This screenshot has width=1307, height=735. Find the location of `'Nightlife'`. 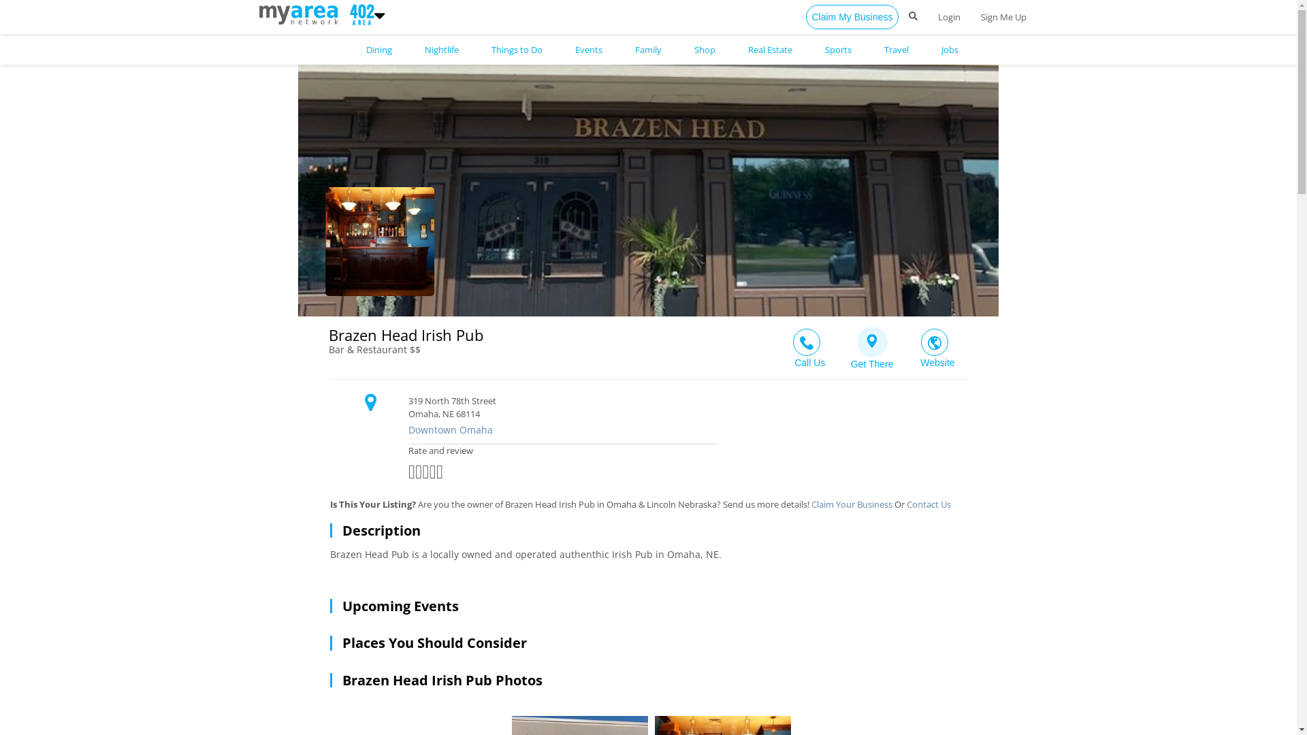

'Nightlife' is located at coordinates (441, 49).